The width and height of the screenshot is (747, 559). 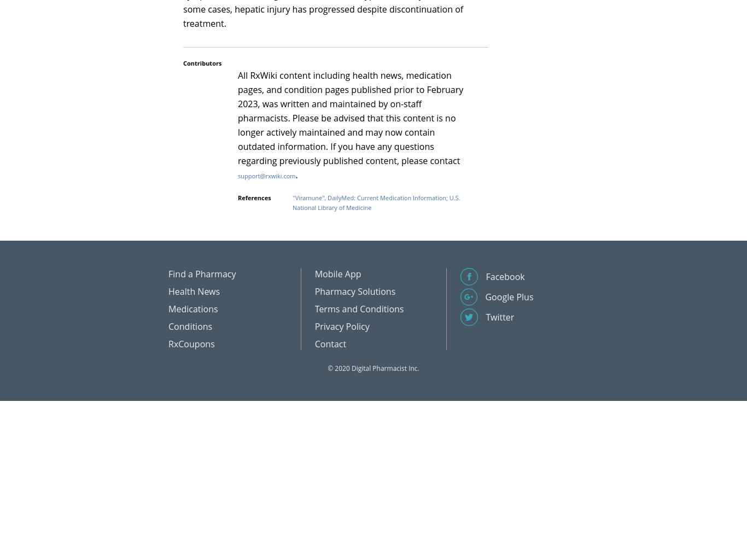 I want to click on 'Mobile App', so click(x=337, y=273).